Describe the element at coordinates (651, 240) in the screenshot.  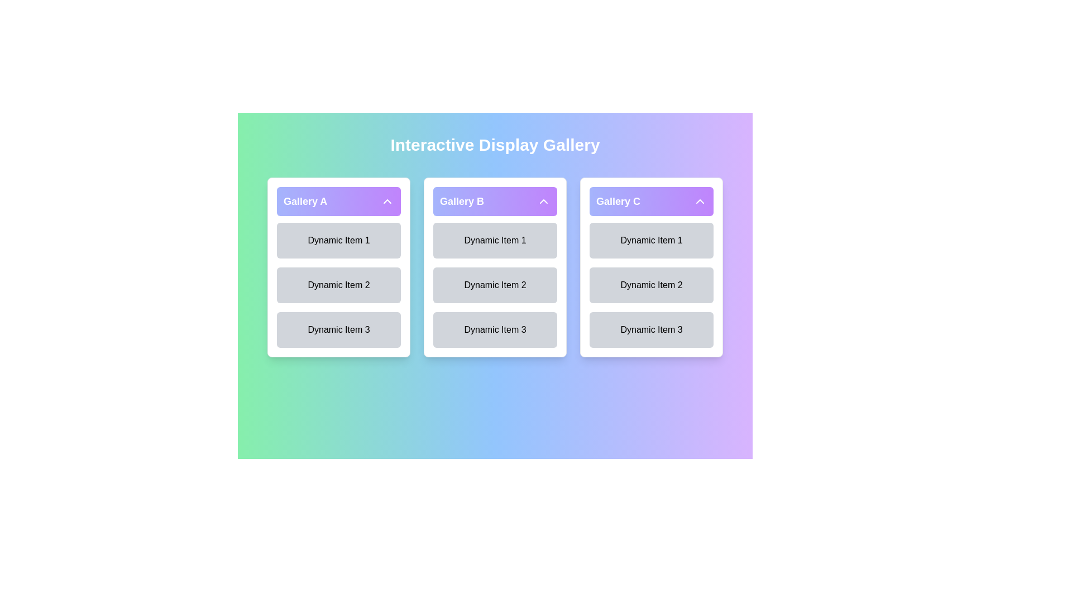
I see `the static text display labeled 'Dynamic Item 1', which is the topmost item in a vertical list under the heading 'Gallery C'` at that location.